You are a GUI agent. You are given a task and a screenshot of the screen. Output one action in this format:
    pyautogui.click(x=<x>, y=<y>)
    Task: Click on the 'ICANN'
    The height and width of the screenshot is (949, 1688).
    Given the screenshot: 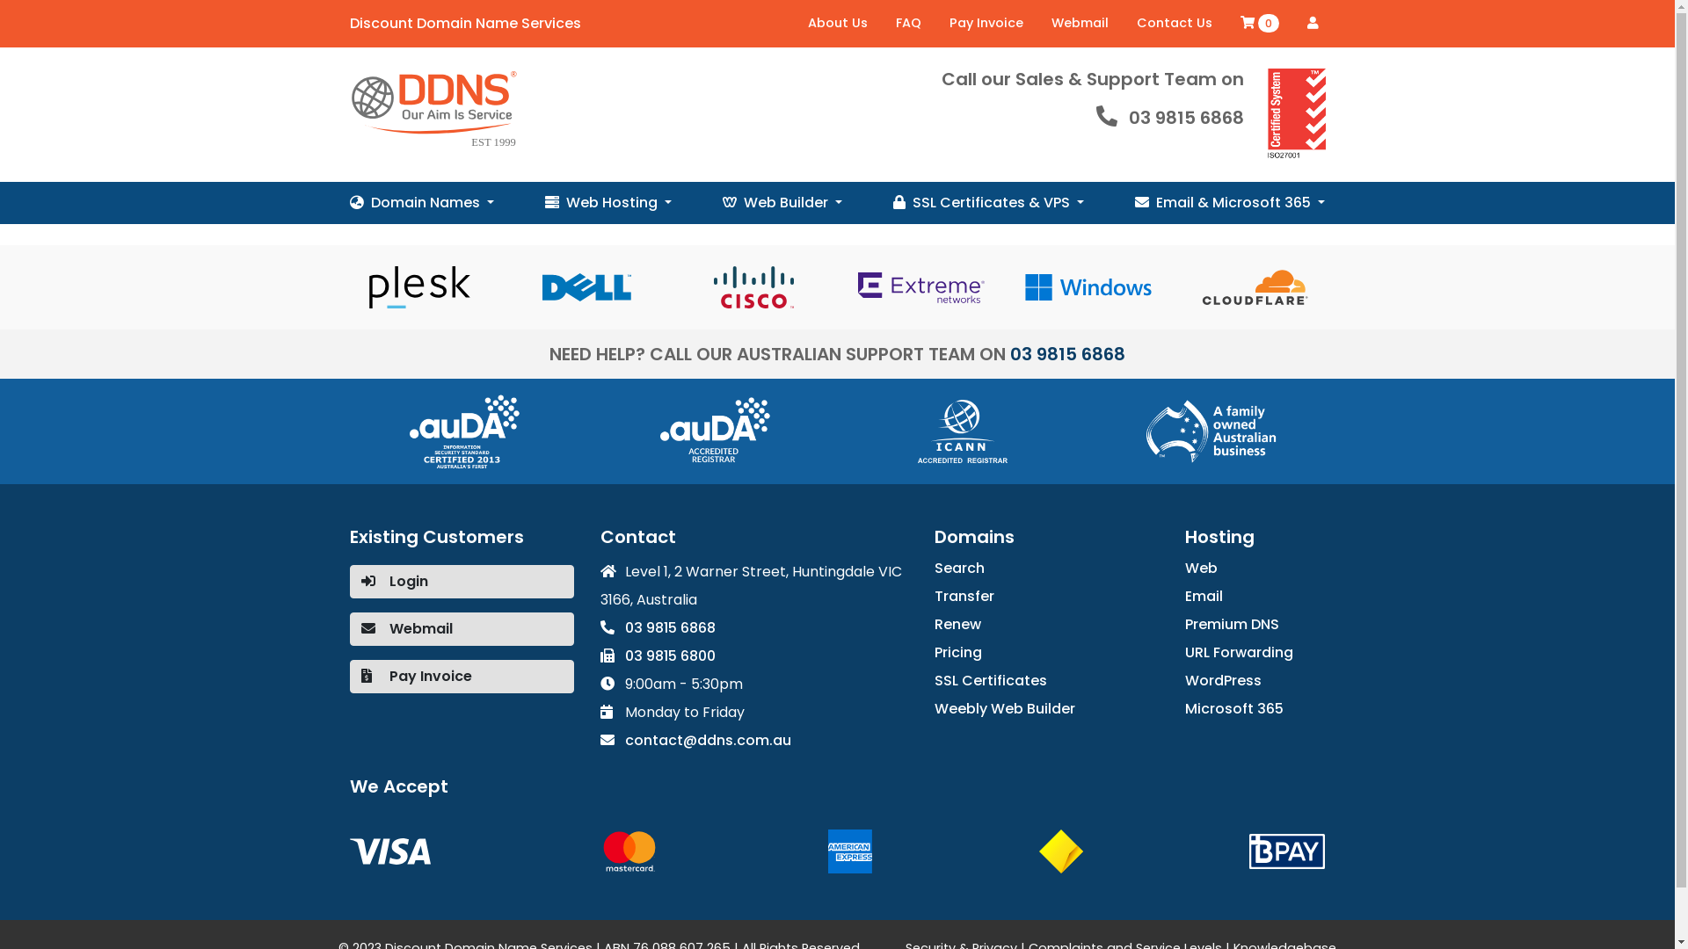 What is the action you would take?
    pyautogui.click(x=961, y=431)
    